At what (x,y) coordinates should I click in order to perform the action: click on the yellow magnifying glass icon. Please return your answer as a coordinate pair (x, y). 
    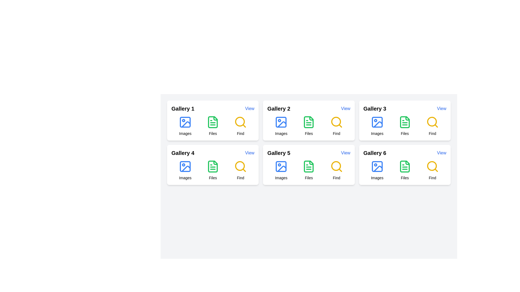
    Looking at the image, I should click on (240, 166).